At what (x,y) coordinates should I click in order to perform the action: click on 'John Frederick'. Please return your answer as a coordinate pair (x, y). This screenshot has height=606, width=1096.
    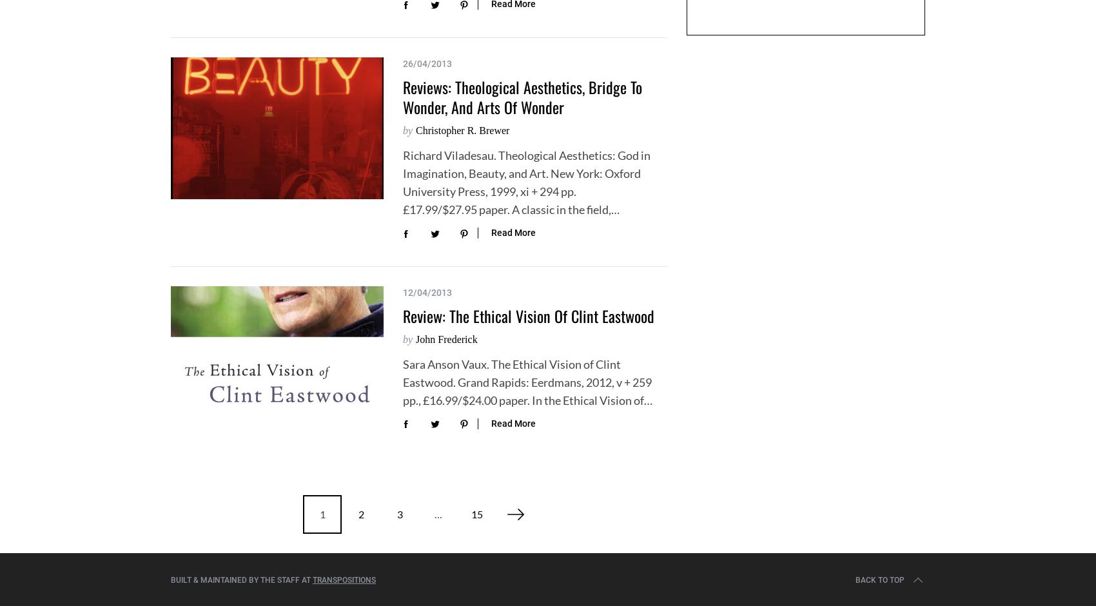
    Looking at the image, I should click on (446, 338).